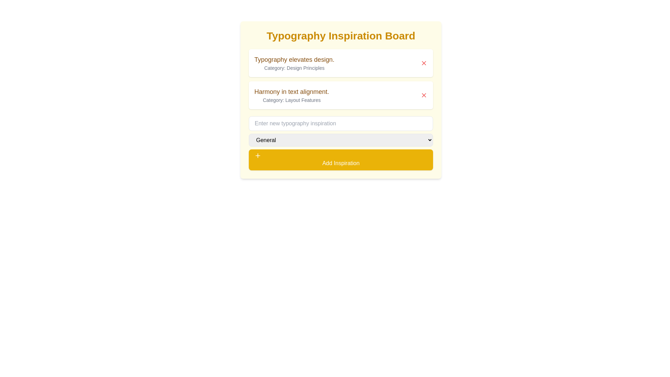 The width and height of the screenshot is (670, 377). Describe the element at coordinates (291, 91) in the screenshot. I see `text label or heading that serves as a main title for the sub-section categorized under 'Layout Features', located centrally above the descriptive text` at that location.